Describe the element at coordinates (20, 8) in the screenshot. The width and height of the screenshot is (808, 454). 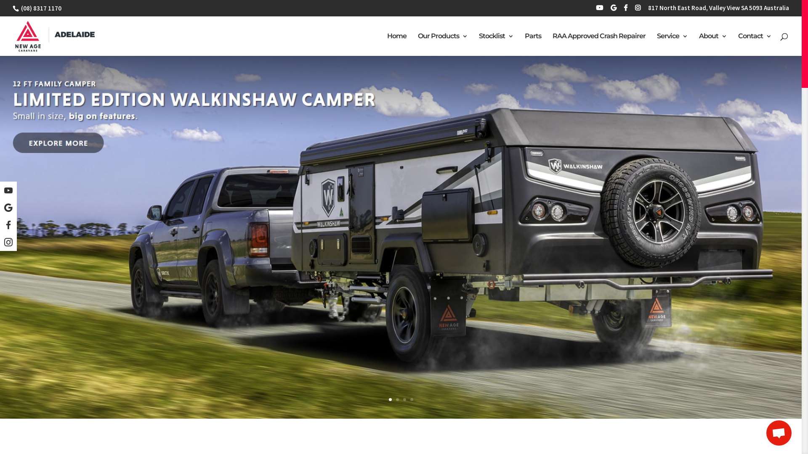
I see `'(08) 8317 1170'` at that location.